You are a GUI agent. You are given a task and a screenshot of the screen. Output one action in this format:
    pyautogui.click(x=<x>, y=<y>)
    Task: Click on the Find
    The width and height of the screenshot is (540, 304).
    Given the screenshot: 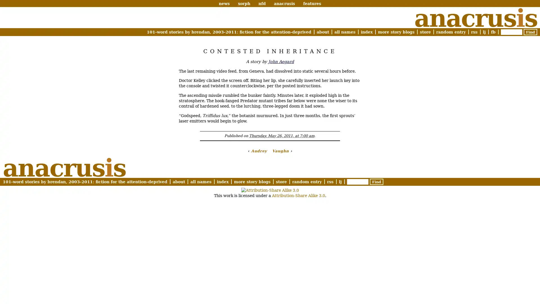 What is the action you would take?
    pyautogui.click(x=377, y=182)
    